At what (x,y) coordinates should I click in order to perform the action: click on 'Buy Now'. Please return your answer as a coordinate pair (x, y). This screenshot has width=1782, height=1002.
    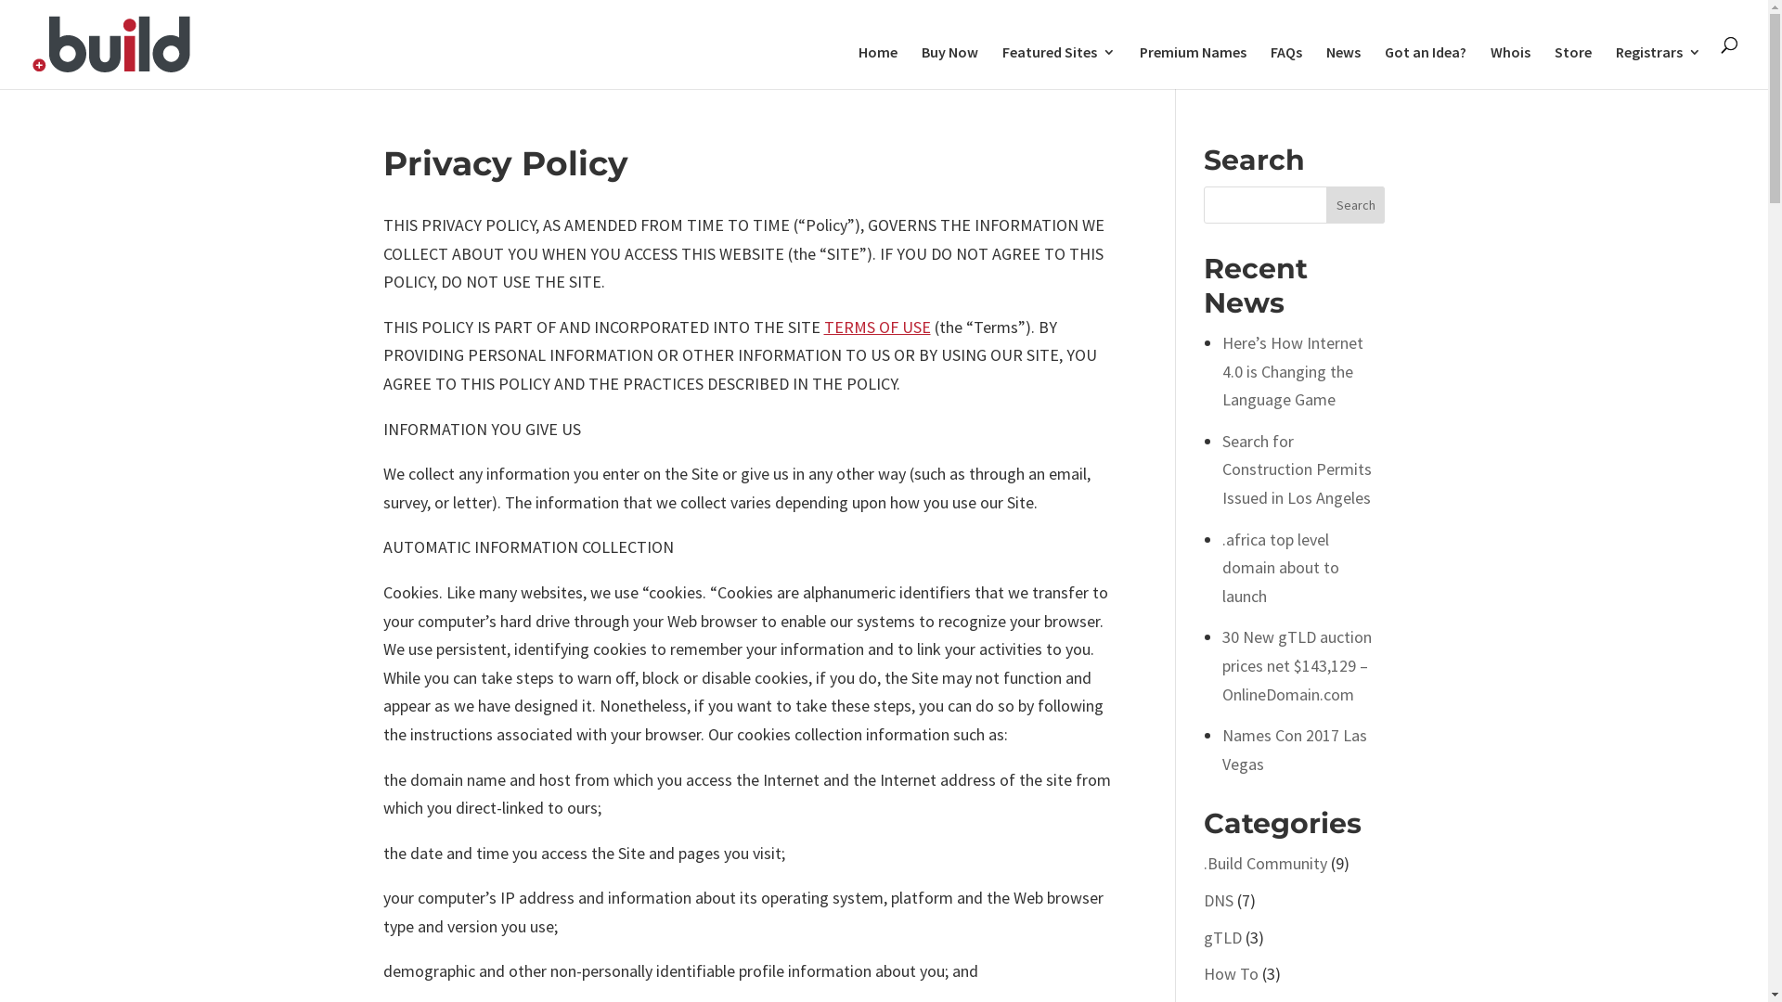
    Looking at the image, I should click on (949, 66).